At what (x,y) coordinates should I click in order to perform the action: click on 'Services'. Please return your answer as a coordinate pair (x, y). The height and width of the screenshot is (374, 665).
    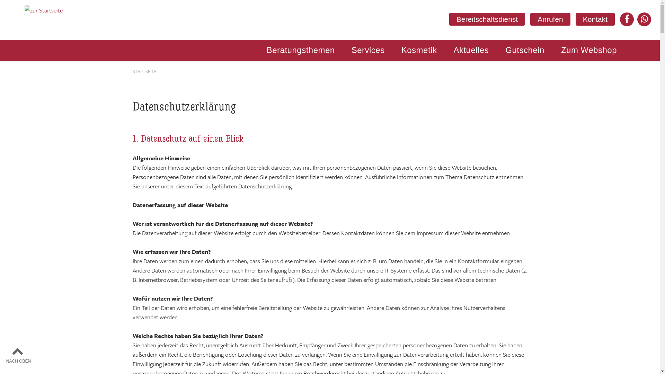
    Looking at the image, I should click on (348, 50).